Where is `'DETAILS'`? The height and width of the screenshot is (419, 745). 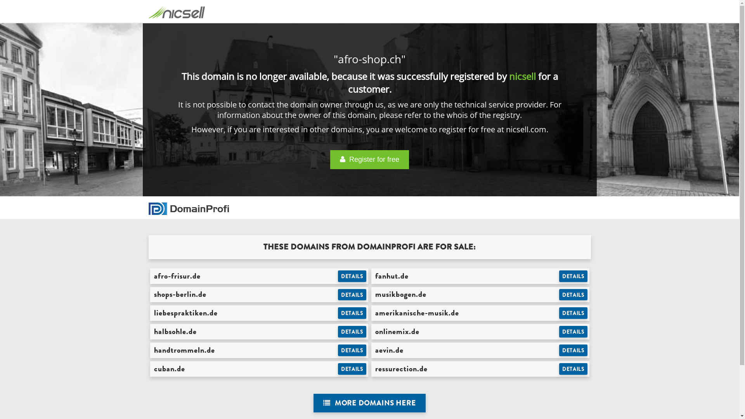
'DETAILS' is located at coordinates (573, 294).